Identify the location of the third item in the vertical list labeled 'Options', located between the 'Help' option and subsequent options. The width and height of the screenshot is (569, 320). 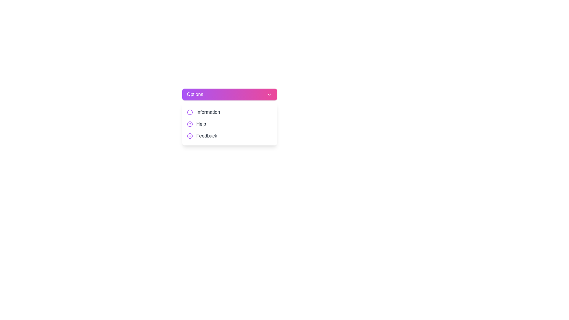
(229, 136).